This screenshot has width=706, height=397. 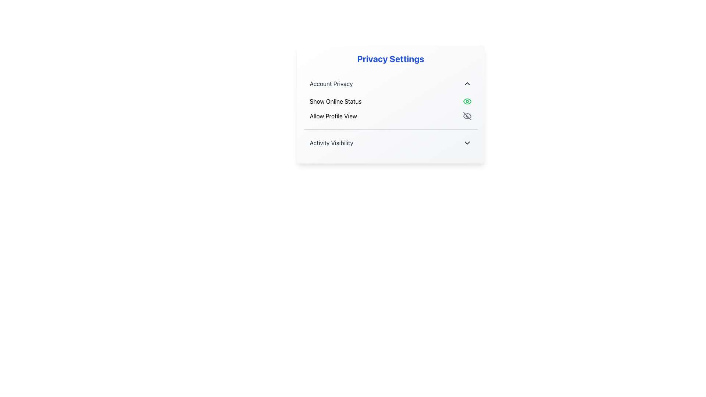 I want to click on the 'Account Privacy' label, which is the first text label in the privacy options list within the 'Privacy Settings' section, so click(x=331, y=83).